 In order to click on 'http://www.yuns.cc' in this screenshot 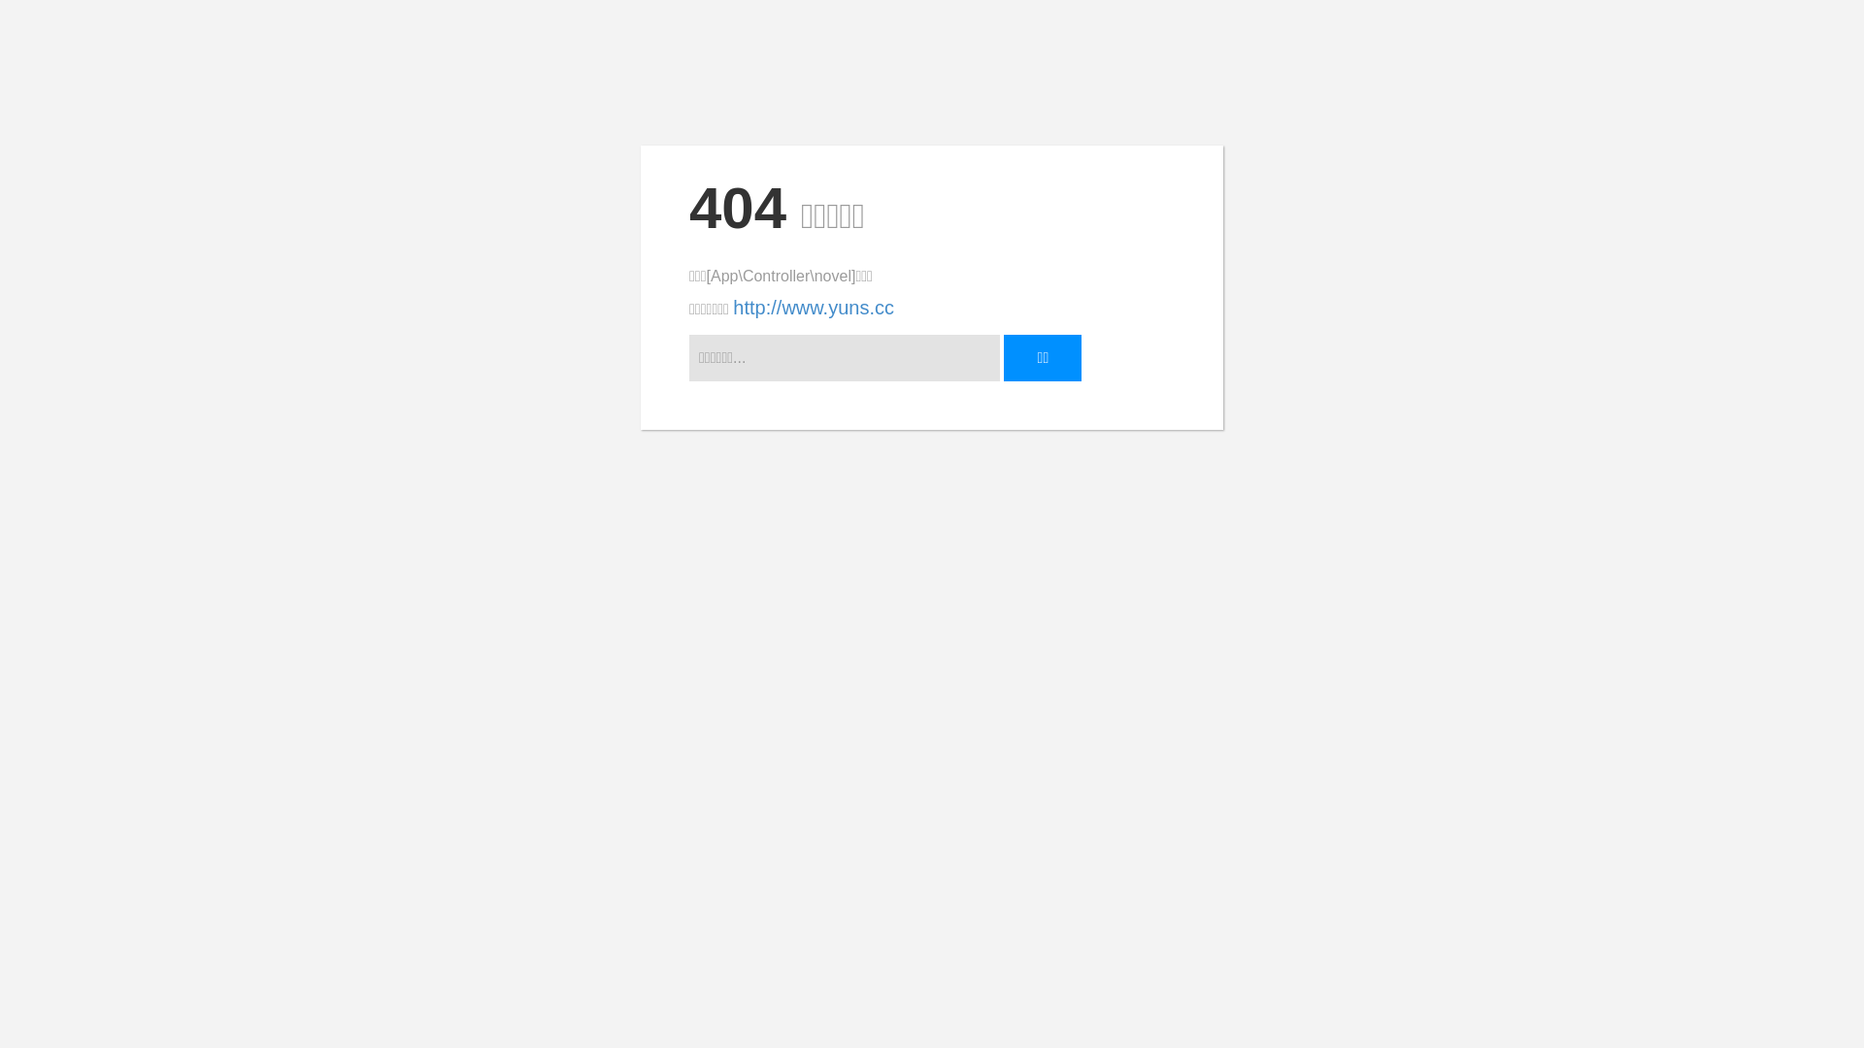, I will do `click(731, 306)`.